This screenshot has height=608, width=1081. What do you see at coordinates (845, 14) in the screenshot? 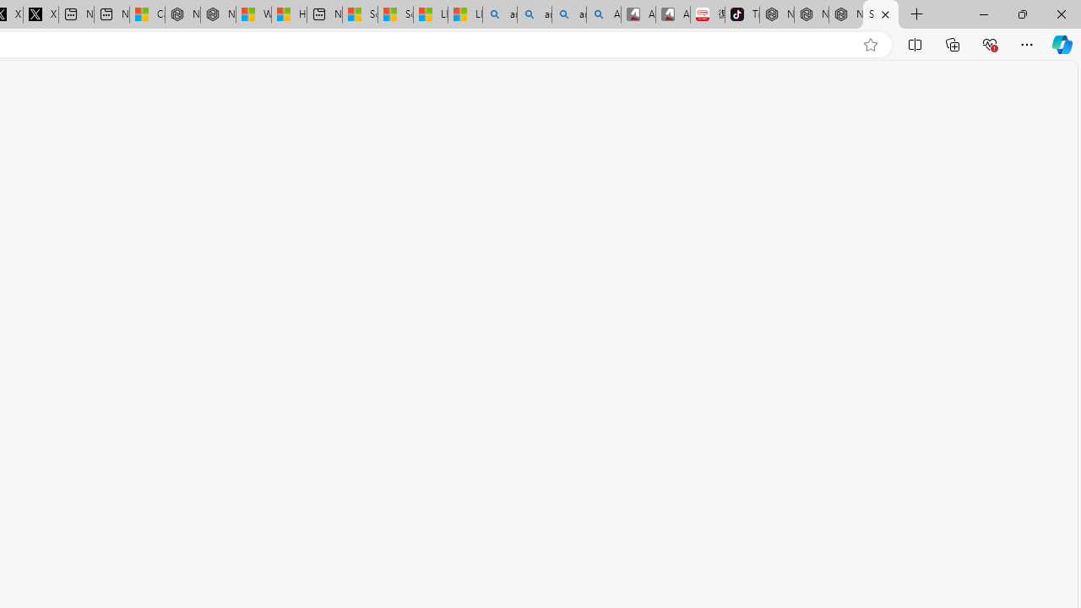
I see `'Nordace - Siena Pro 15 Essential Set'` at bounding box center [845, 14].